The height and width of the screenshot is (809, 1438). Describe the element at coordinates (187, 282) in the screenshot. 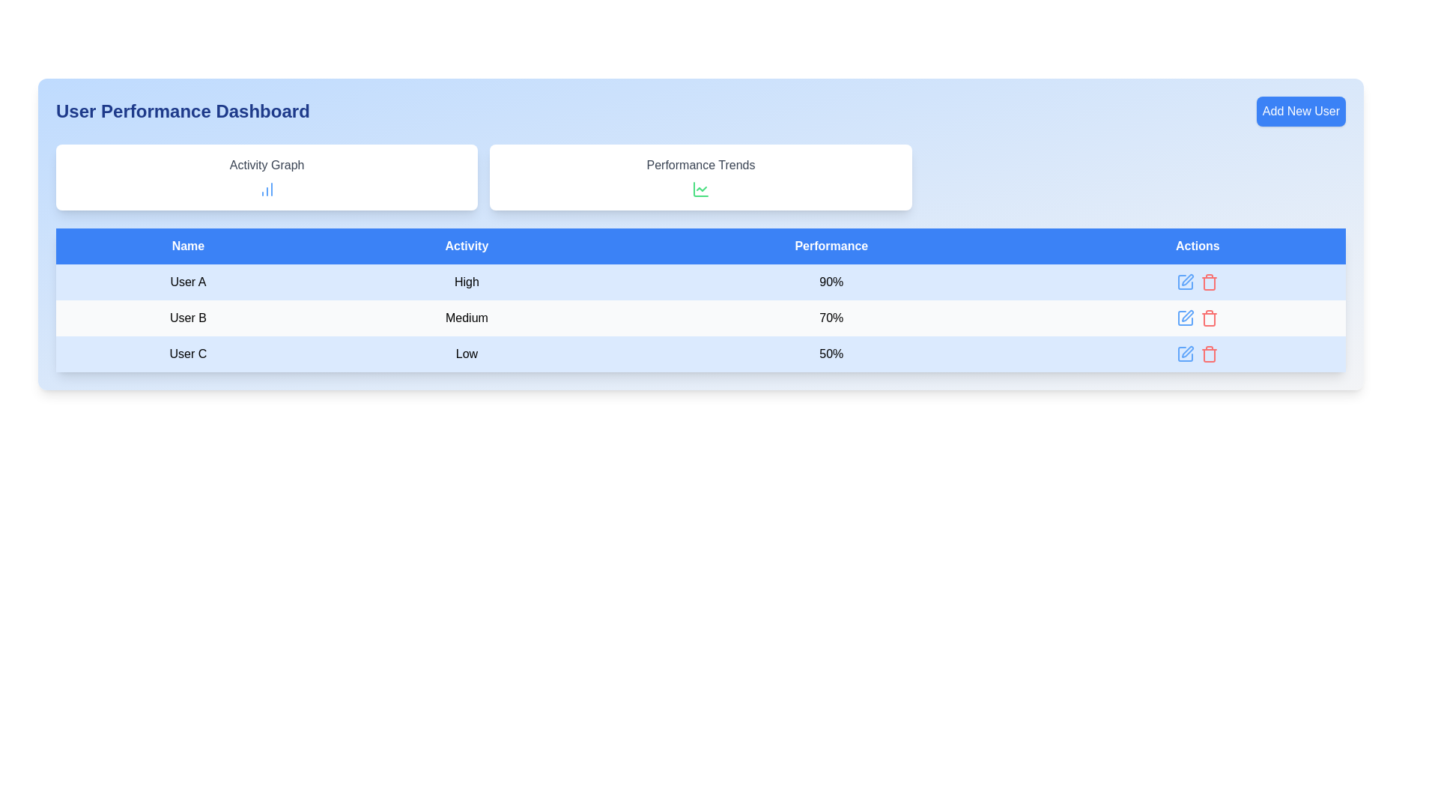

I see `the static text label displaying 'User A' in the first column of the table, which serves as an identifier for an entry` at that location.